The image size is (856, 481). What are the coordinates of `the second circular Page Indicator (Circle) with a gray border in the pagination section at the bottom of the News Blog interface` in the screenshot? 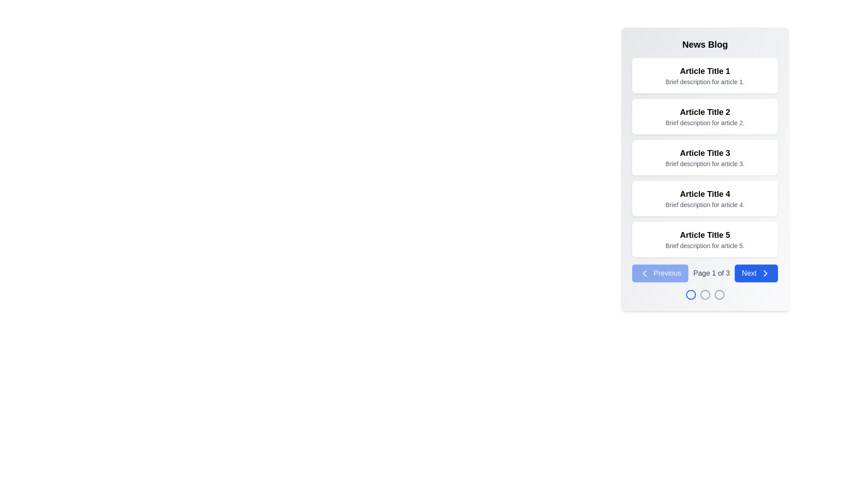 It's located at (704, 295).